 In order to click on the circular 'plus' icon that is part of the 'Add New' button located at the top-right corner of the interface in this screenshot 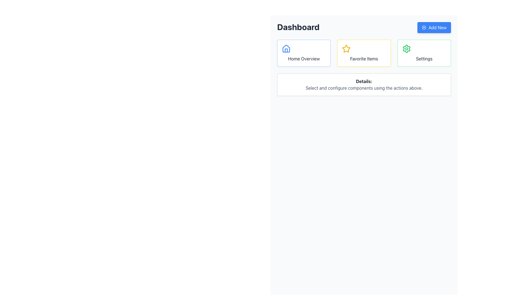, I will do `click(424, 28)`.